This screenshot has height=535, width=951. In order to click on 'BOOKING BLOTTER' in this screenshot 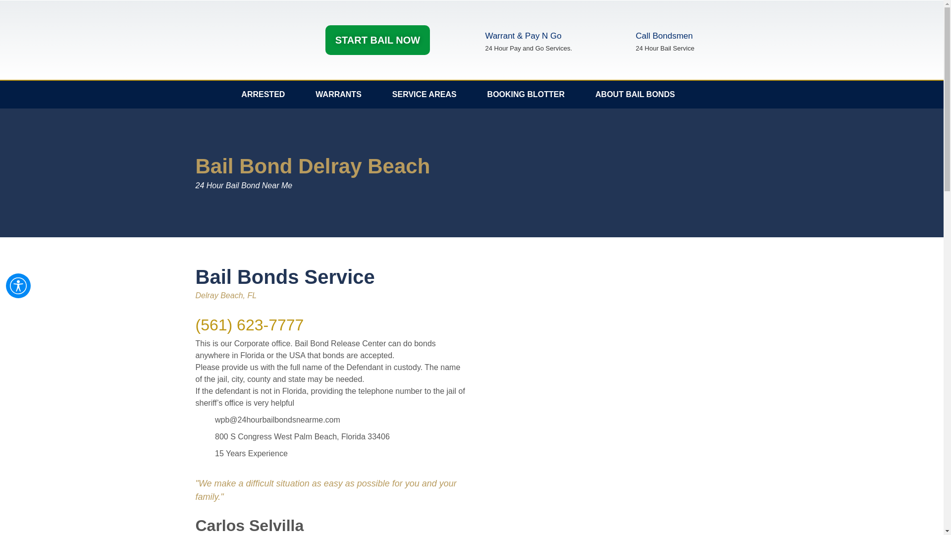, I will do `click(525, 95)`.